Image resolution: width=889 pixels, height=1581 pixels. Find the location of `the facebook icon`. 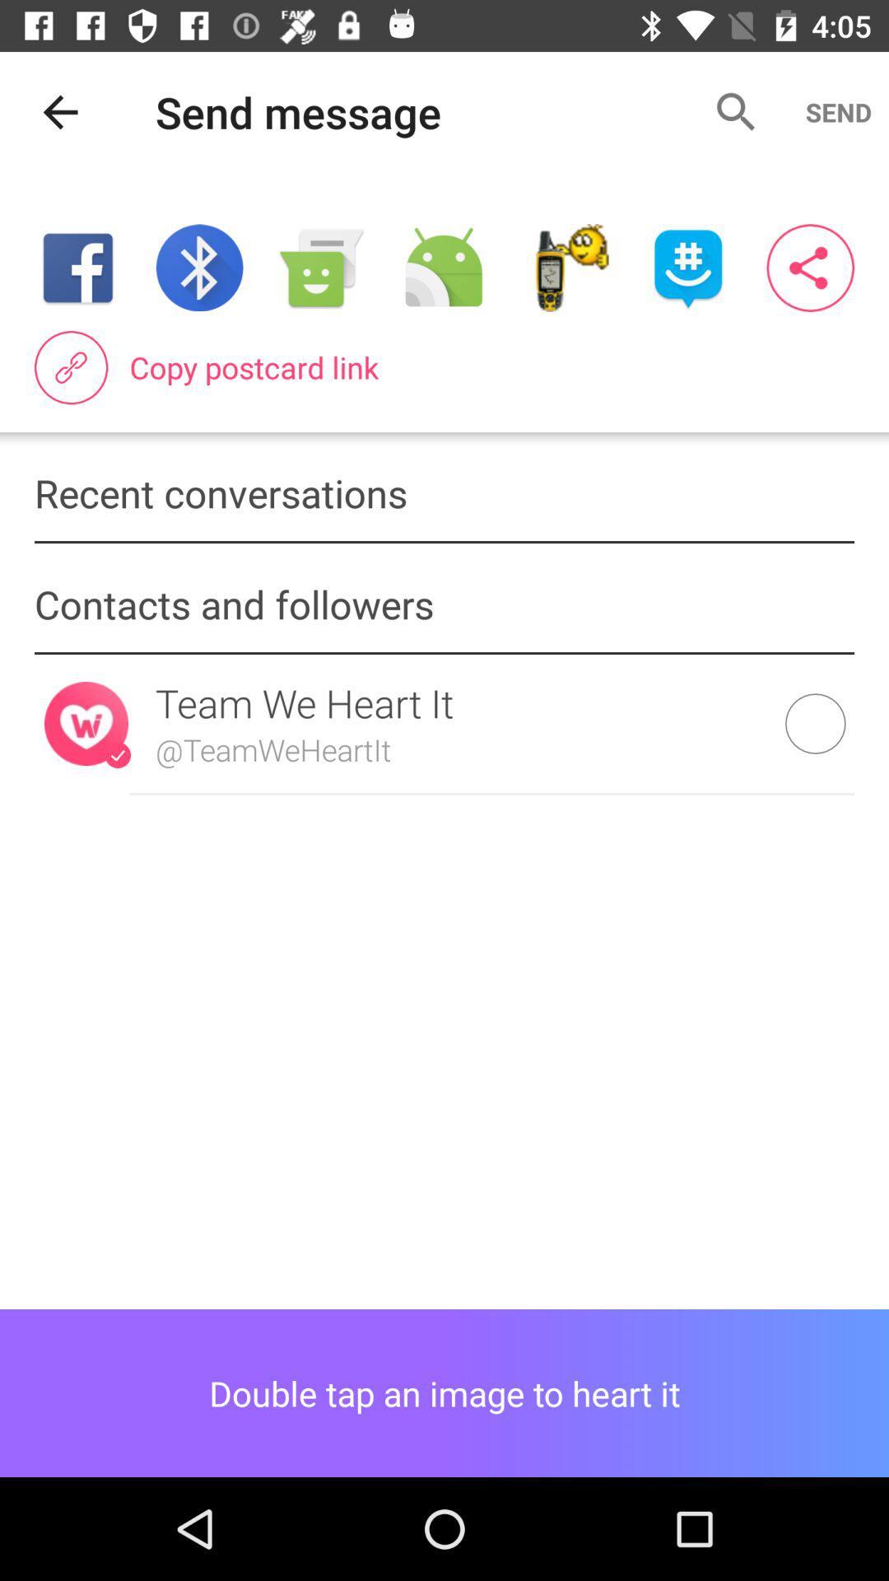

the facebook icon is located at coordinates (77, 268).